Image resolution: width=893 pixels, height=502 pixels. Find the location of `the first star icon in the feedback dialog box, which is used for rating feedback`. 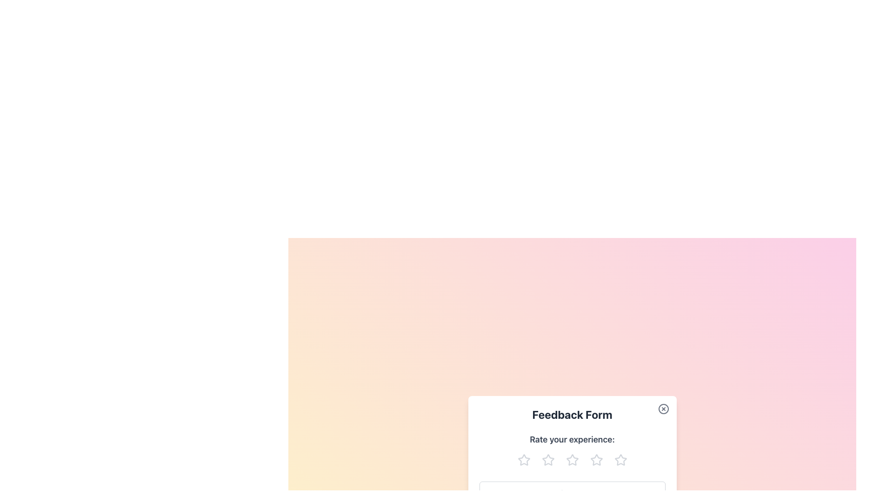

the first star icon in the feedback dialog box, which is used for rating feedback is located at coordinates (524, 460).